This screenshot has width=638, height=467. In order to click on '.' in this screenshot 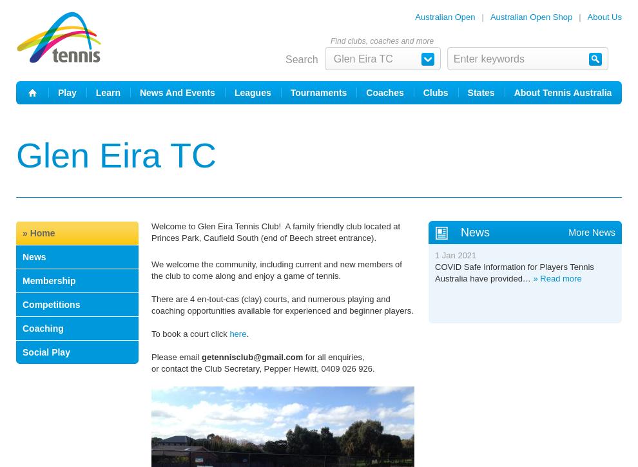, I will do `click(247, 334)`.